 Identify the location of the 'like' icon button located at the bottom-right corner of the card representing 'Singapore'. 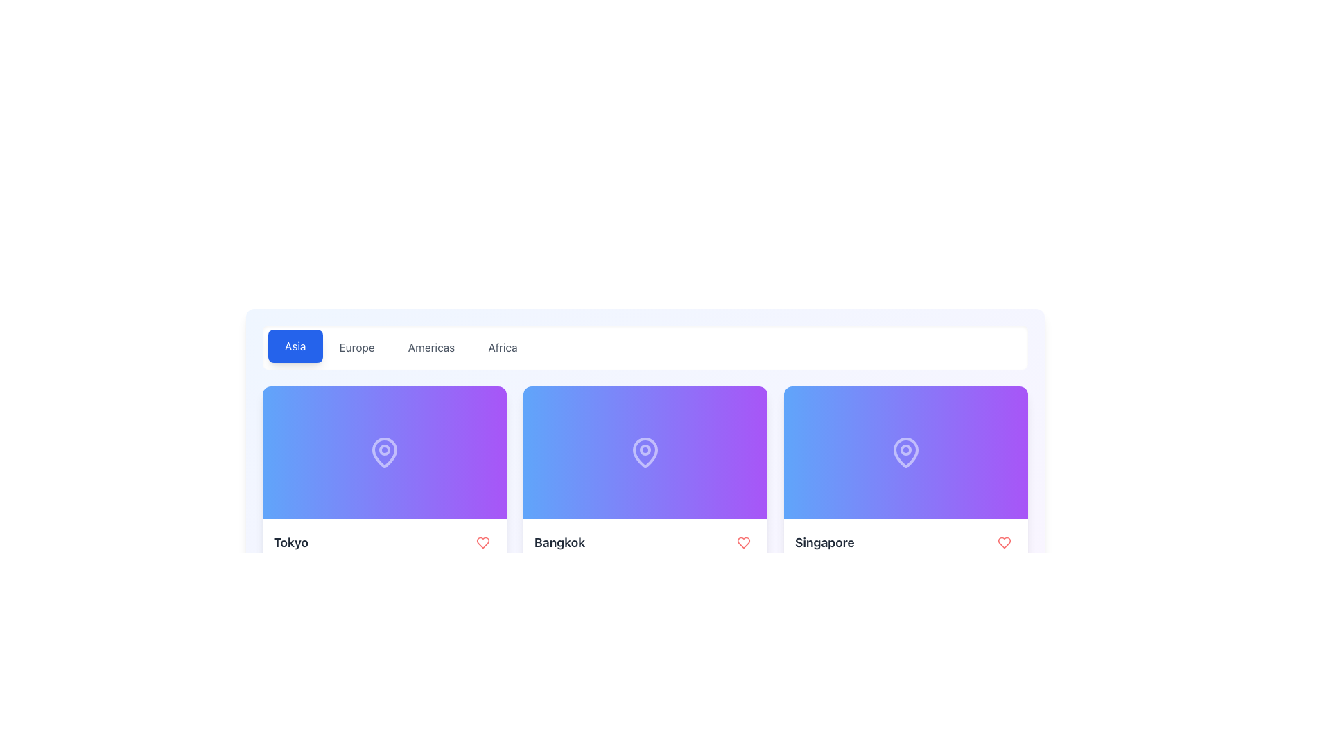
(1004, 542).